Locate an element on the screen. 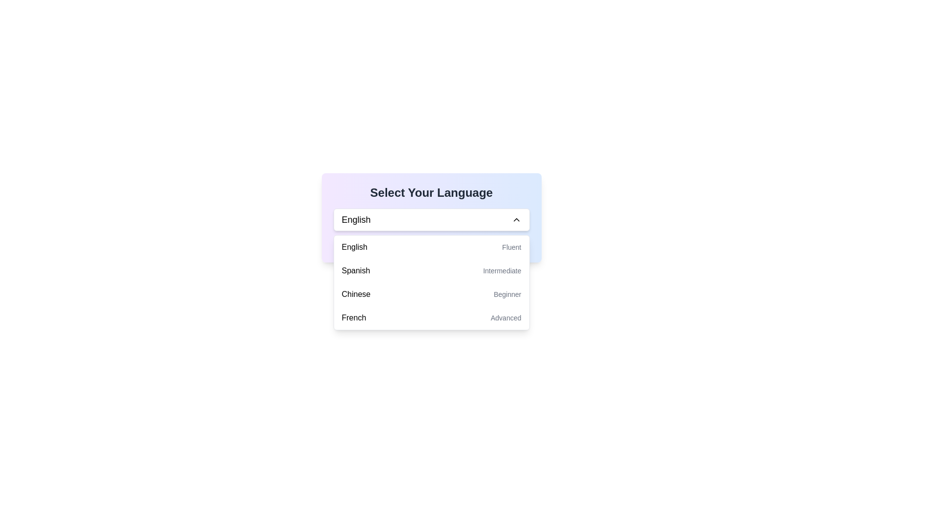  the dropdown list is located at coordinates (431, 282).